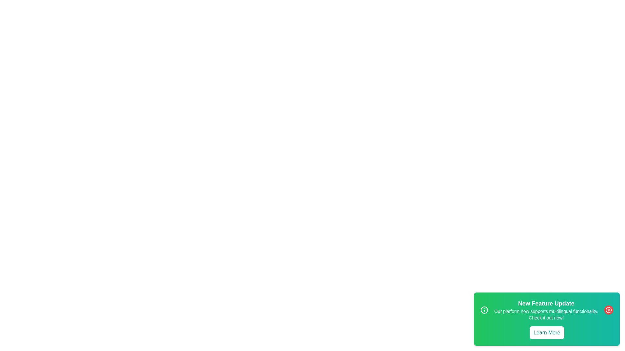  I want to click on the close button of the snackbar to dismiss it, so click(608, 309).